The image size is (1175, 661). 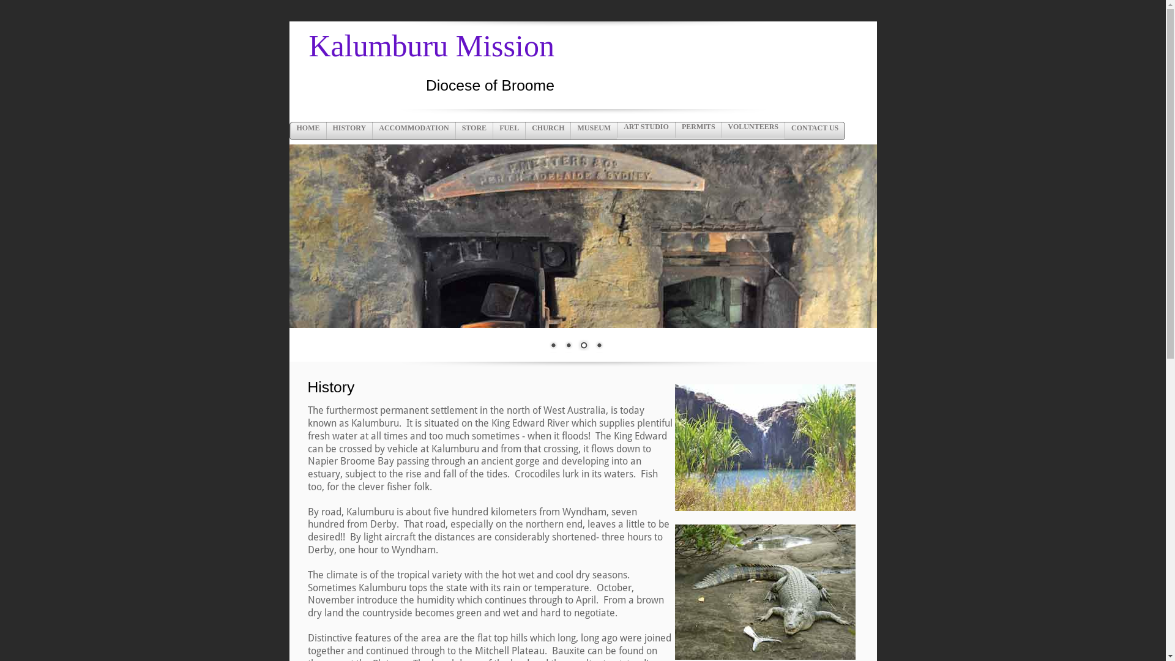 What do you see at coordinates (752, 130) in the screenshot?
I see `'VOLUNTEERS'` at bounding box center [752, 130].